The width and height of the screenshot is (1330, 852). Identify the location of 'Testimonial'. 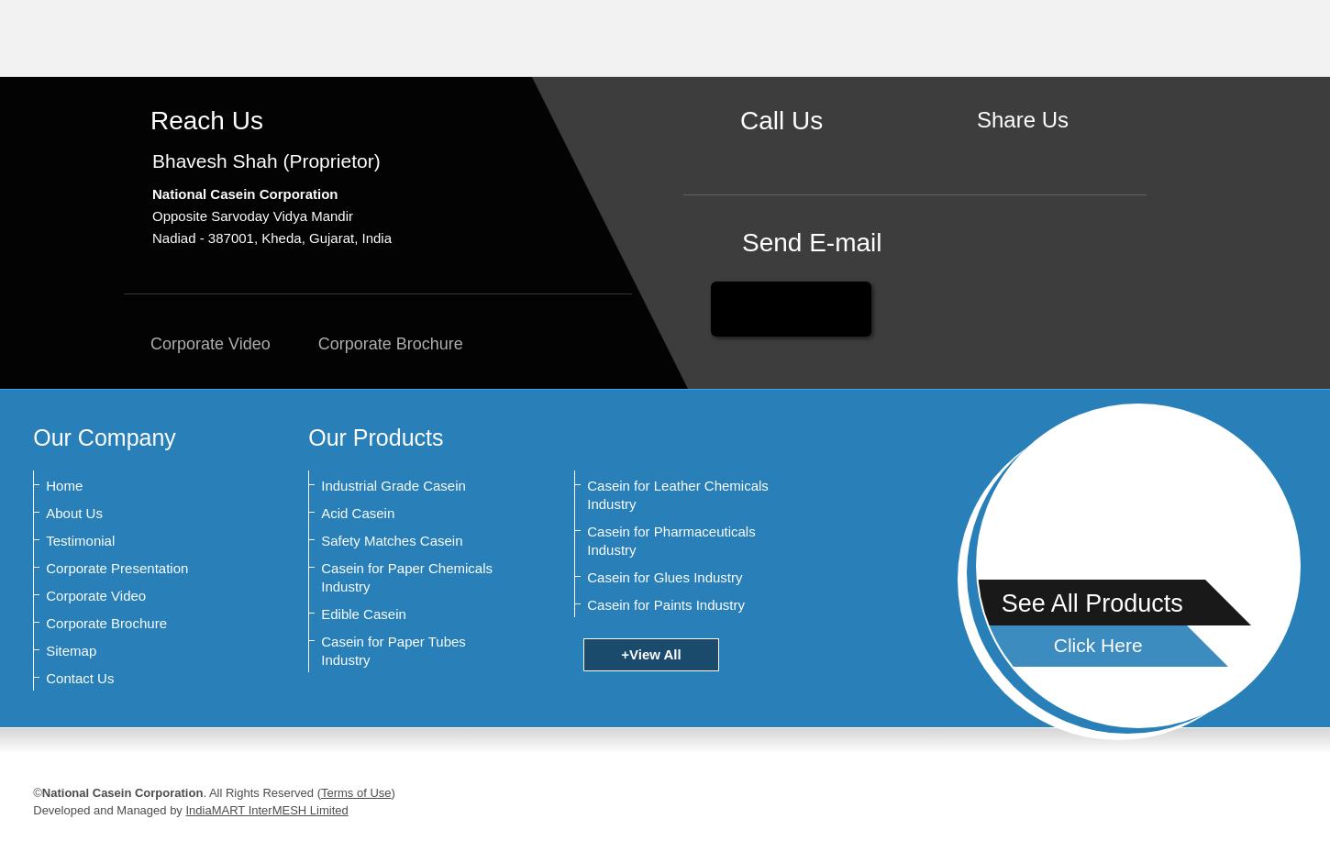
(80, 539).